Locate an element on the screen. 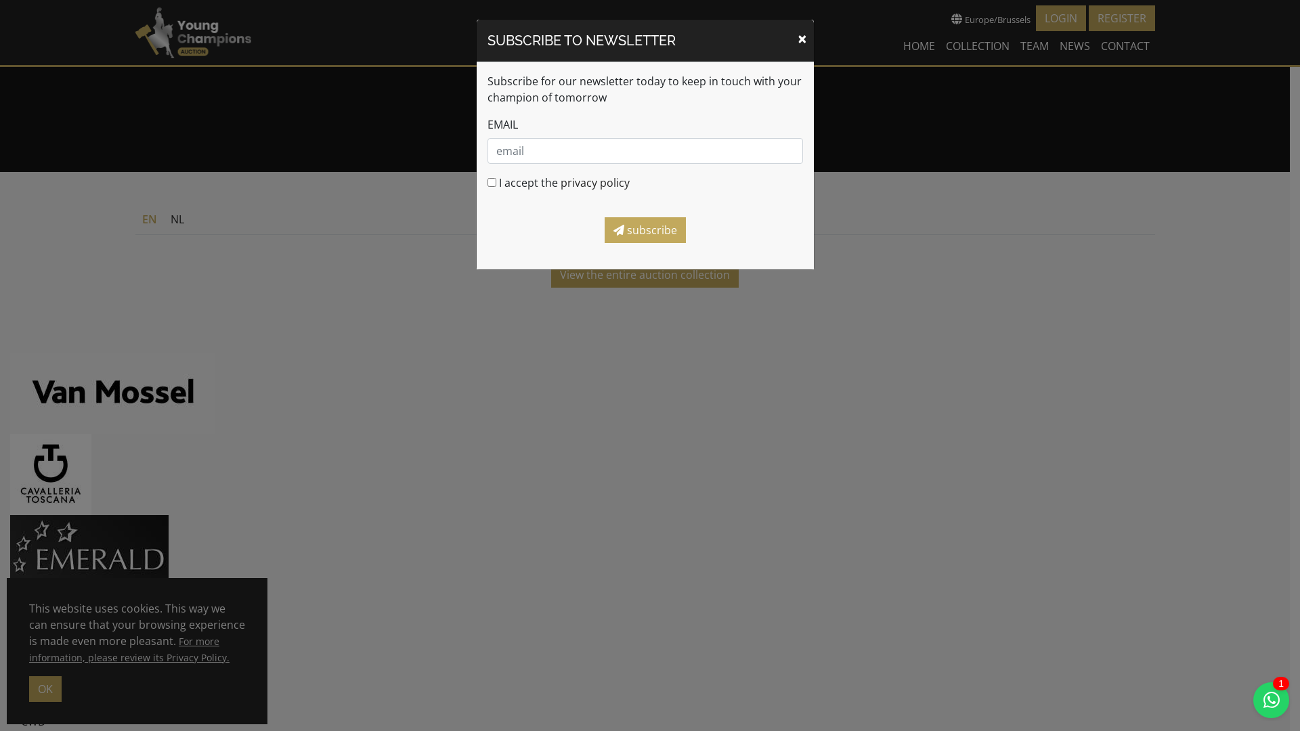  'EN' is located at coordinates (149, 219).